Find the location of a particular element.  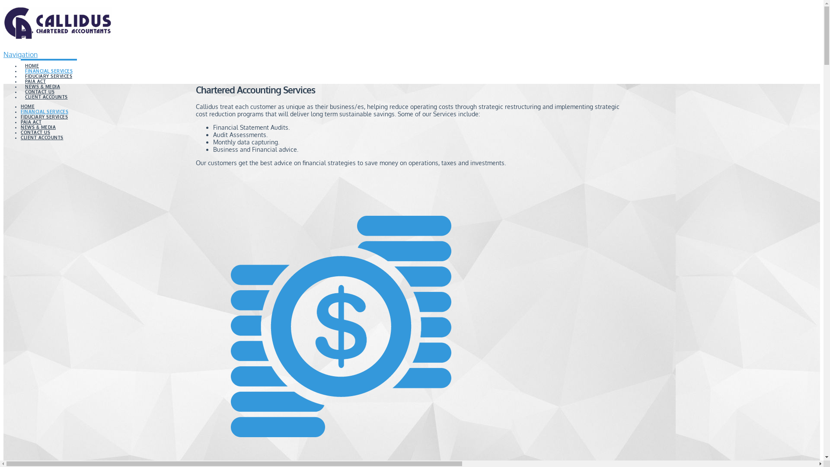

'Callidus Wealth Management' is located at coordinates (3, 28).